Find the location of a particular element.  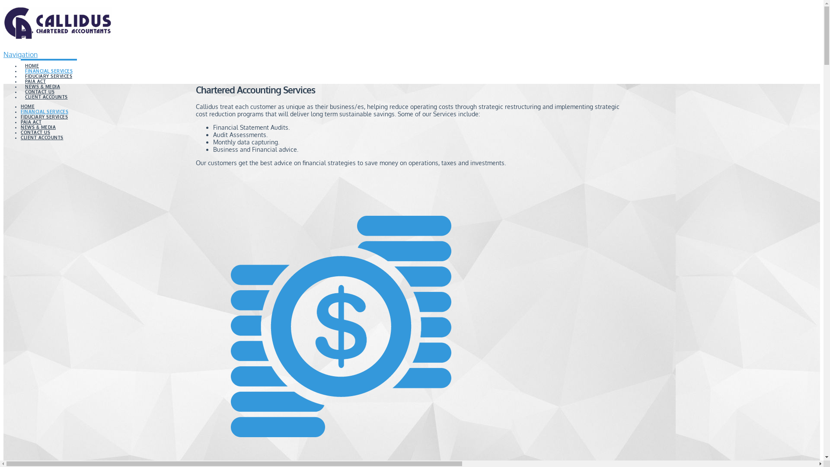

'Callidus Wealth Management' is located at coordinates (3, 28).